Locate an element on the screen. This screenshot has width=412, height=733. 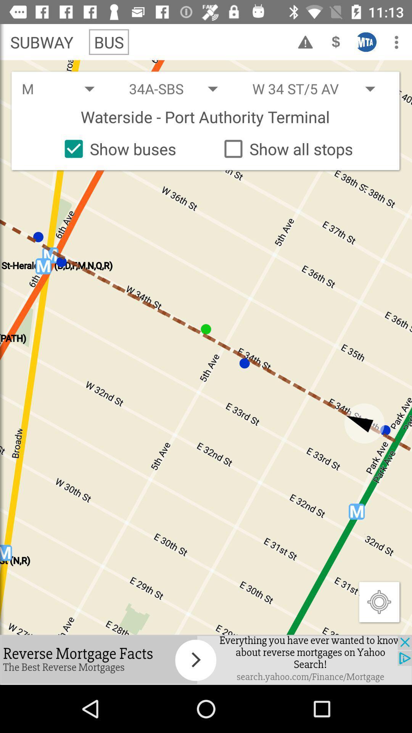
the option which is right to show buses is located at coordinates (285, 149).